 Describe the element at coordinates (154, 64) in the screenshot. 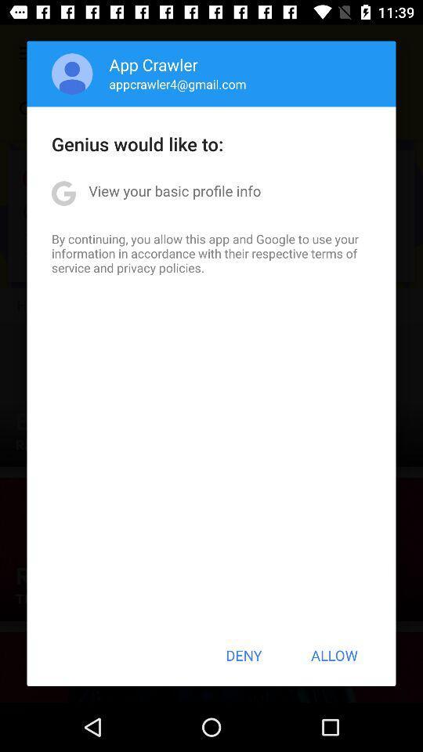

I see `app crawler icon` at that location.